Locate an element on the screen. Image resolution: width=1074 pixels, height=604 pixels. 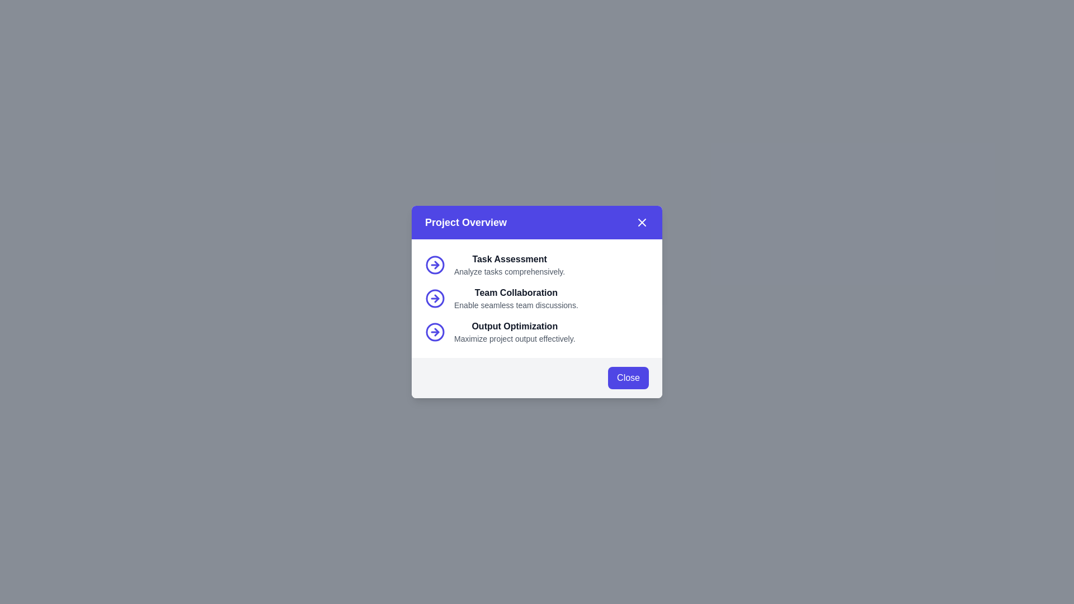
the text label displaying 'Enable seamless team discussions.', located below the 'Team Collaboration' heading in the modal window is located at coordinates (515, 305).